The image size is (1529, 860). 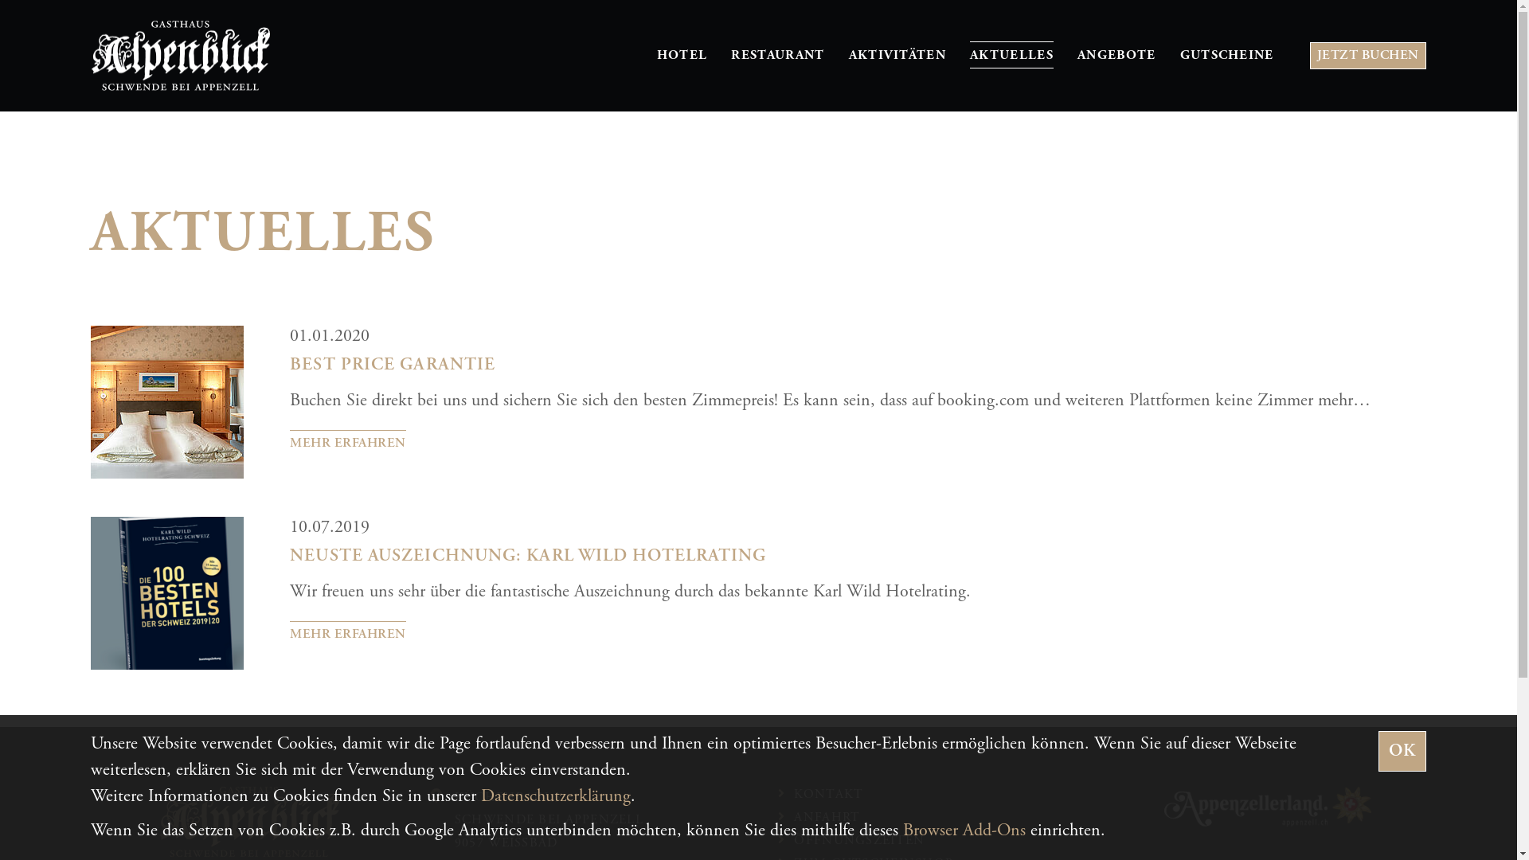 What do you see at coordinates (1116, 54) in the screenshot?
I see `'ANGEBOTE'` at bounding box center [1116, 54].